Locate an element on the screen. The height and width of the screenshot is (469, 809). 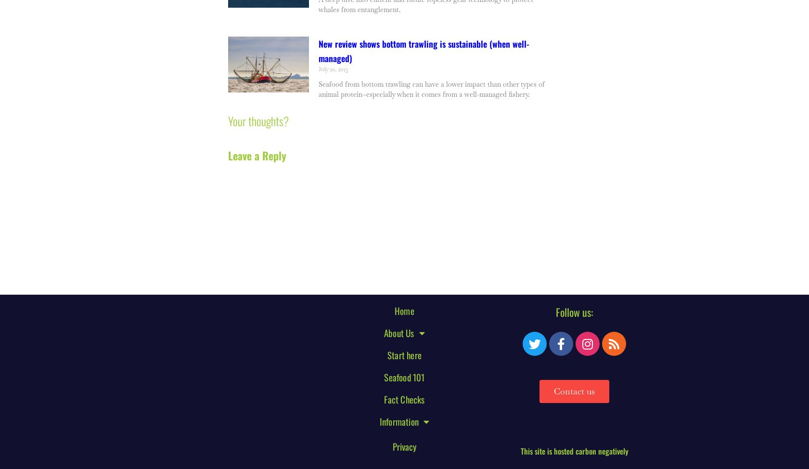
'Fact Checks' is located at coordinates (403, 399).